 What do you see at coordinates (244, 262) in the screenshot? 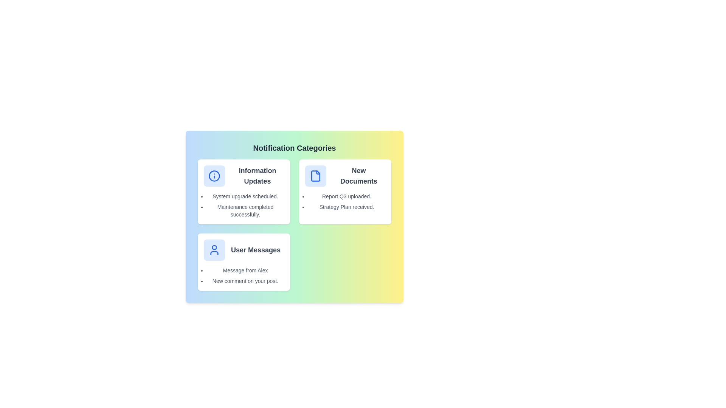
I see `the category card for User Messages to select it` at bounding box center [244, 262].